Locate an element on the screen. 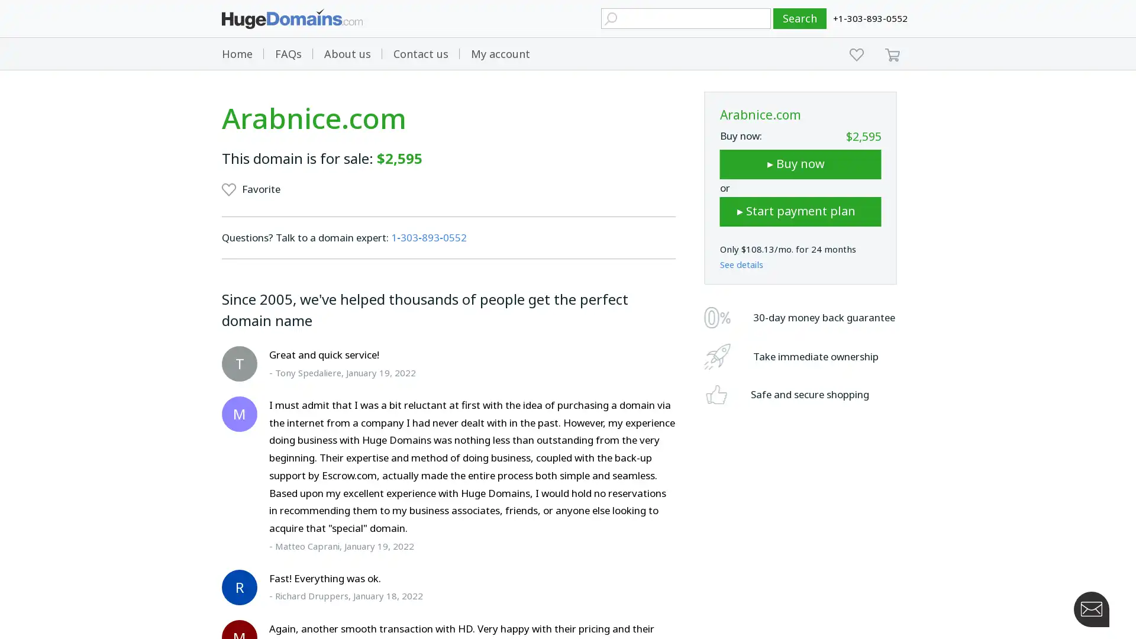 This screenshot has height=639, width=1136. Search is located at coordinates (800, 18).